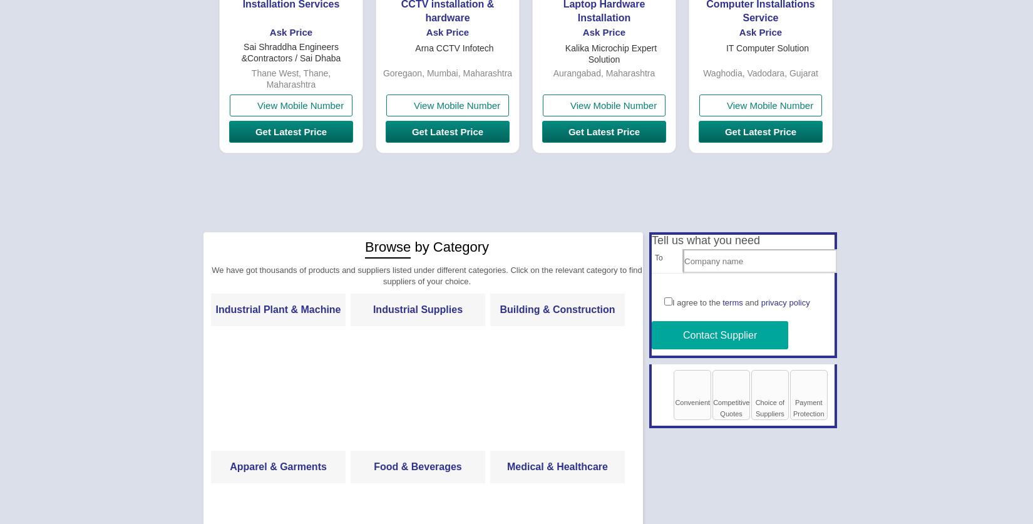  What do you see at coordinates (604, 73) in the screenshot?
I see `'Aurangabad, Maharashtra'` at bounding box center [604, 73].